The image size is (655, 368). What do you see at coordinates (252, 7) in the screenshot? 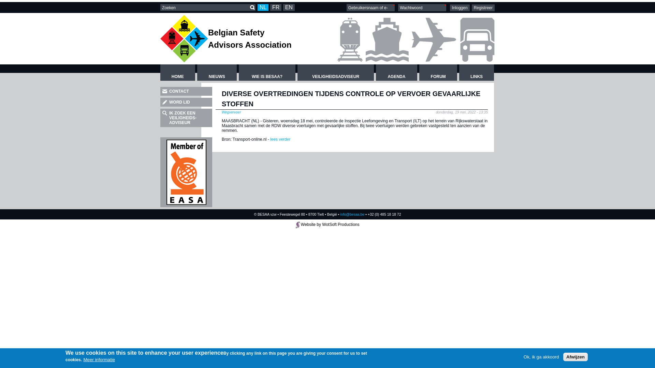
I see `'Zoeken'` at bounding box center [252, 7].